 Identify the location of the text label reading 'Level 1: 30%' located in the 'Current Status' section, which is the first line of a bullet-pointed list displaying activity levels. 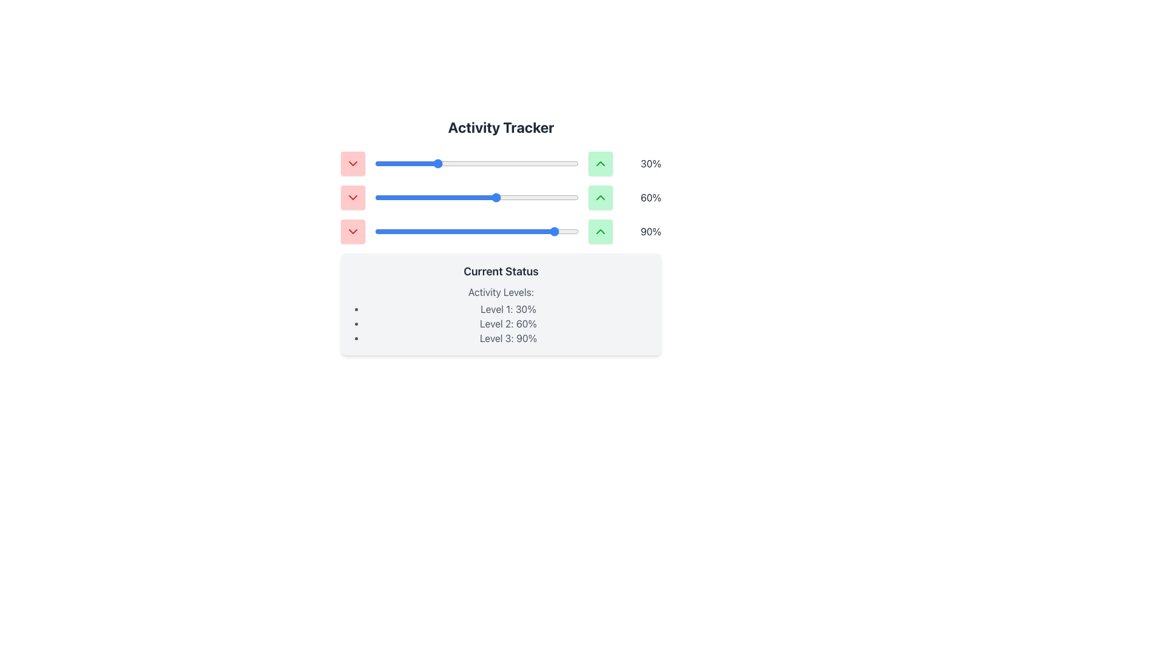
(508, 308).